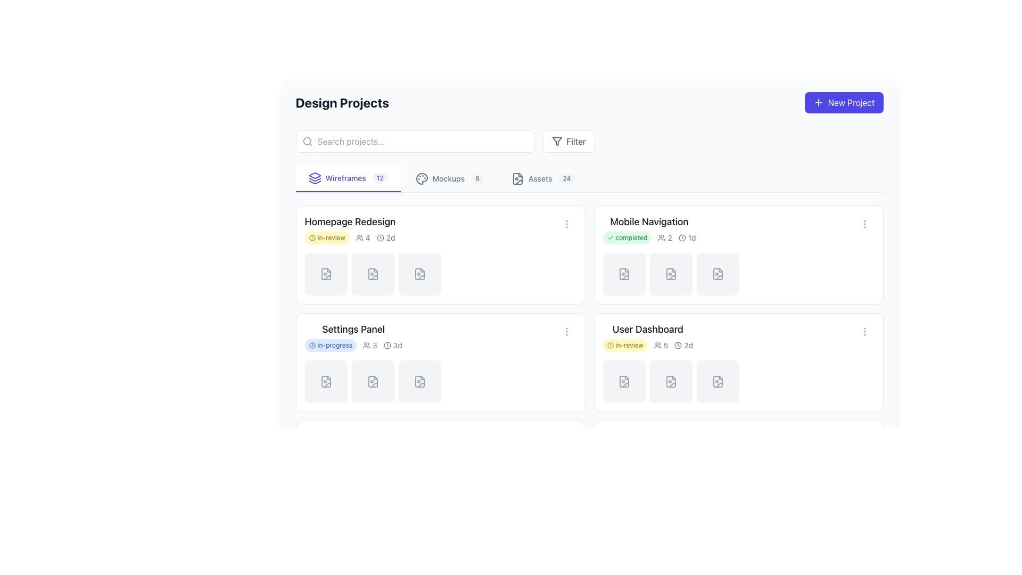 This screenshot has width=1022, height=575. What do you see at coordinates (647, 328) in the screenshot?
I see `the 'User Dashboard' text label, which is a large and bold dark gray label located in the bottom-right section of the layout, under the 'Design Projects' heading` at bounding box center [647, 328].